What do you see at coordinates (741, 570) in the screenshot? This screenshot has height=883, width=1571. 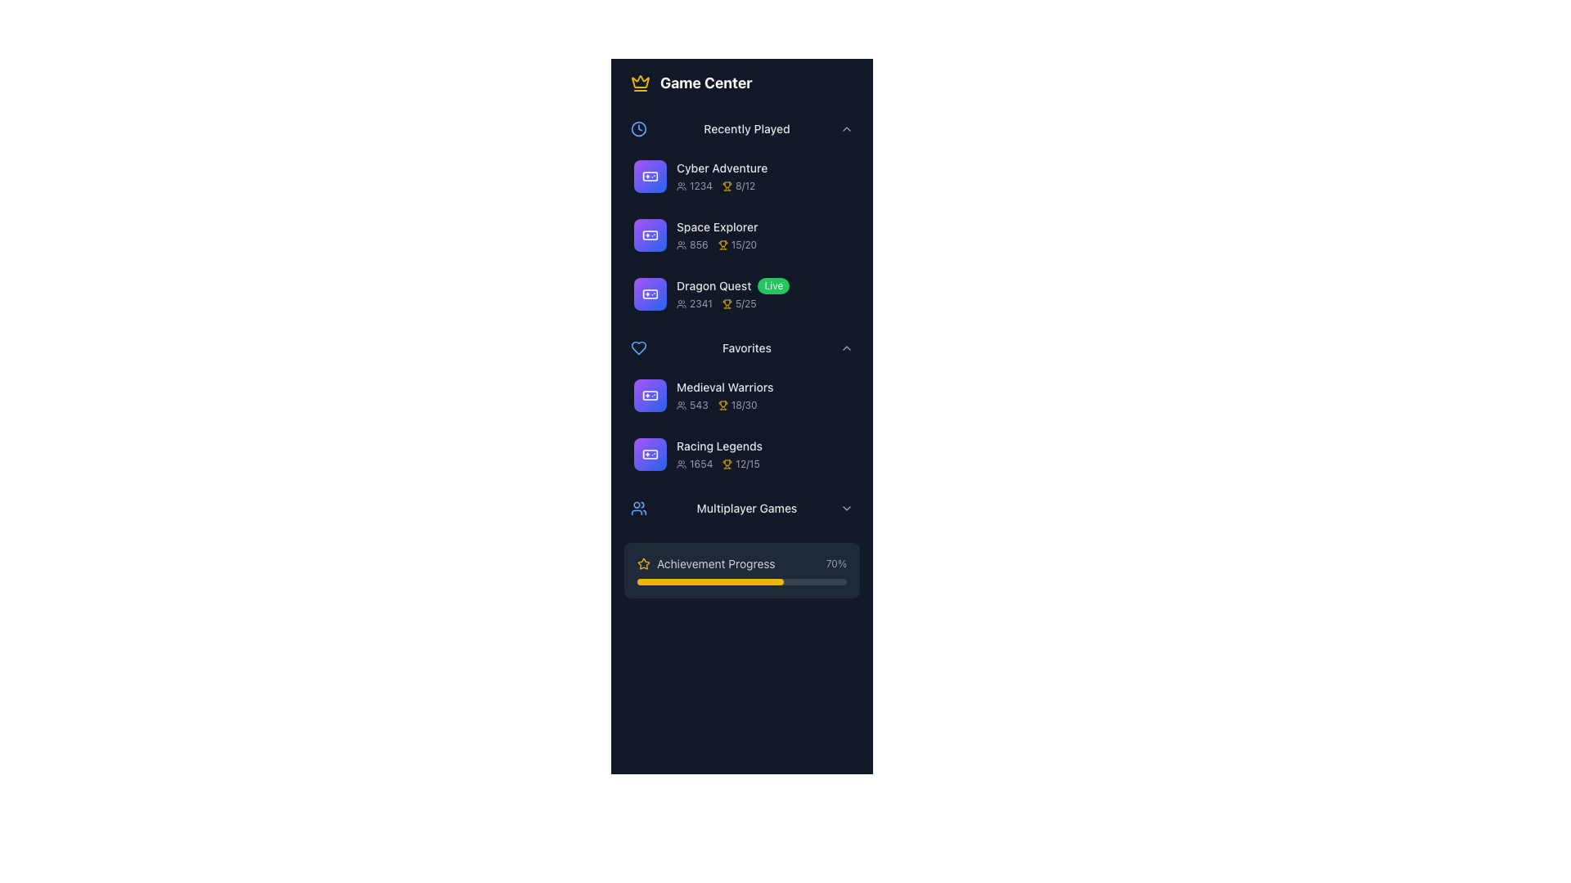 I see `details of the progress bar indicating 'Achievement Progress' with 70% filled, located below 'Multiplayer Games'` at bounding box center [741, 570].